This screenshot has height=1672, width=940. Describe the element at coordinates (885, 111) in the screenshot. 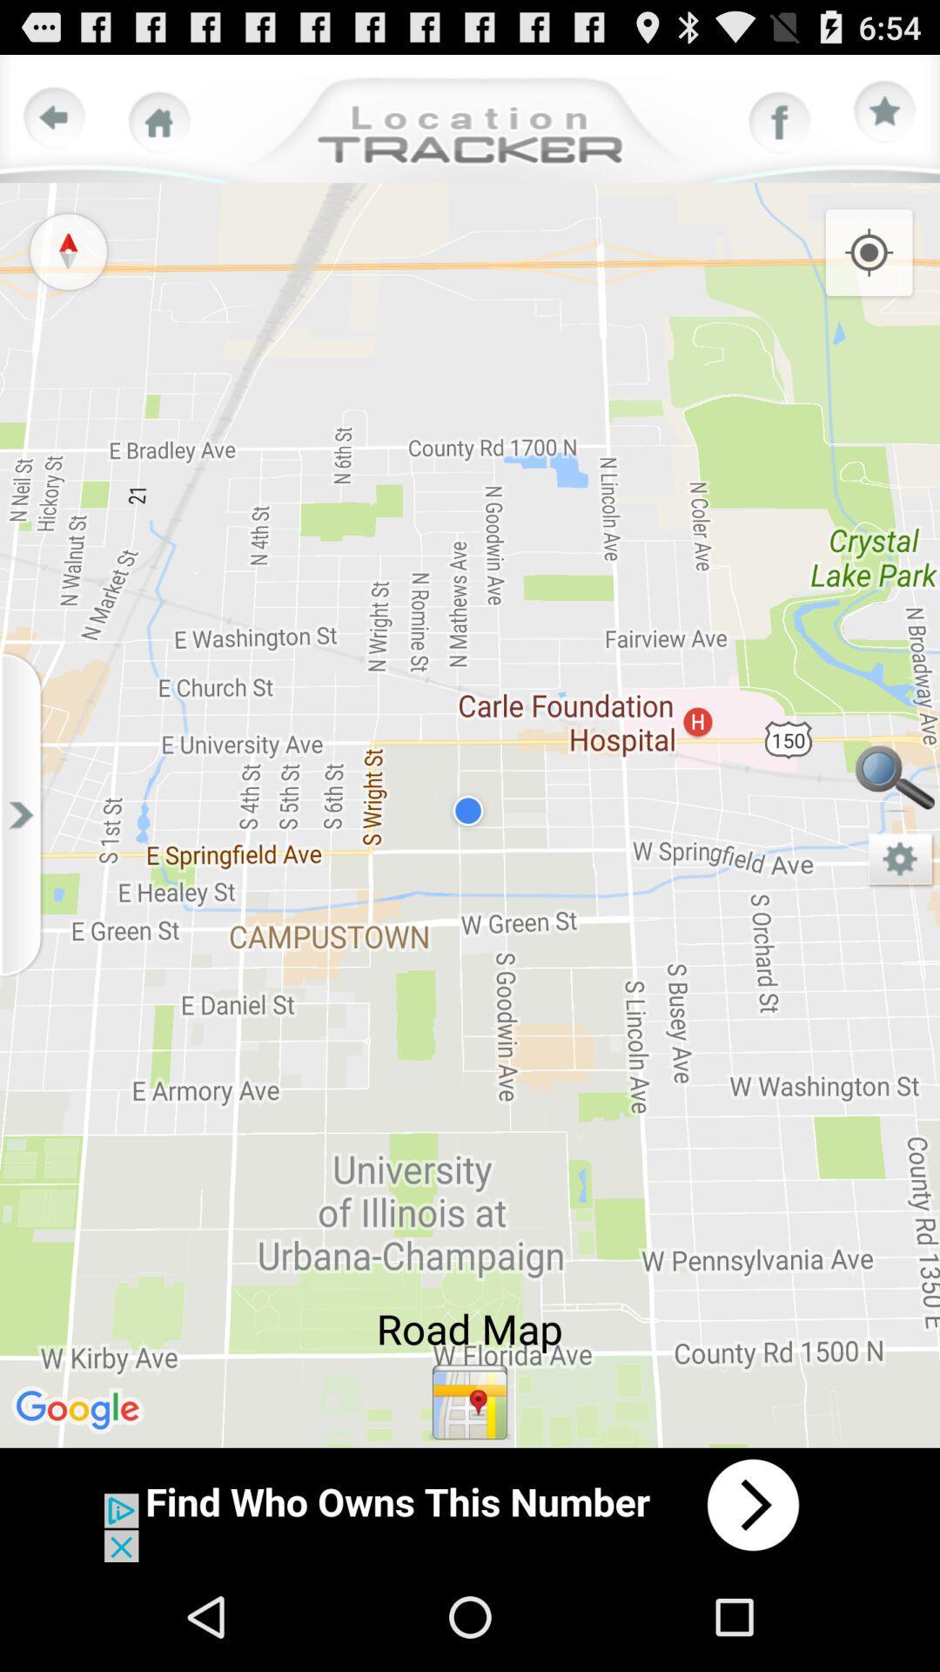

I see `to favourites` at that location.